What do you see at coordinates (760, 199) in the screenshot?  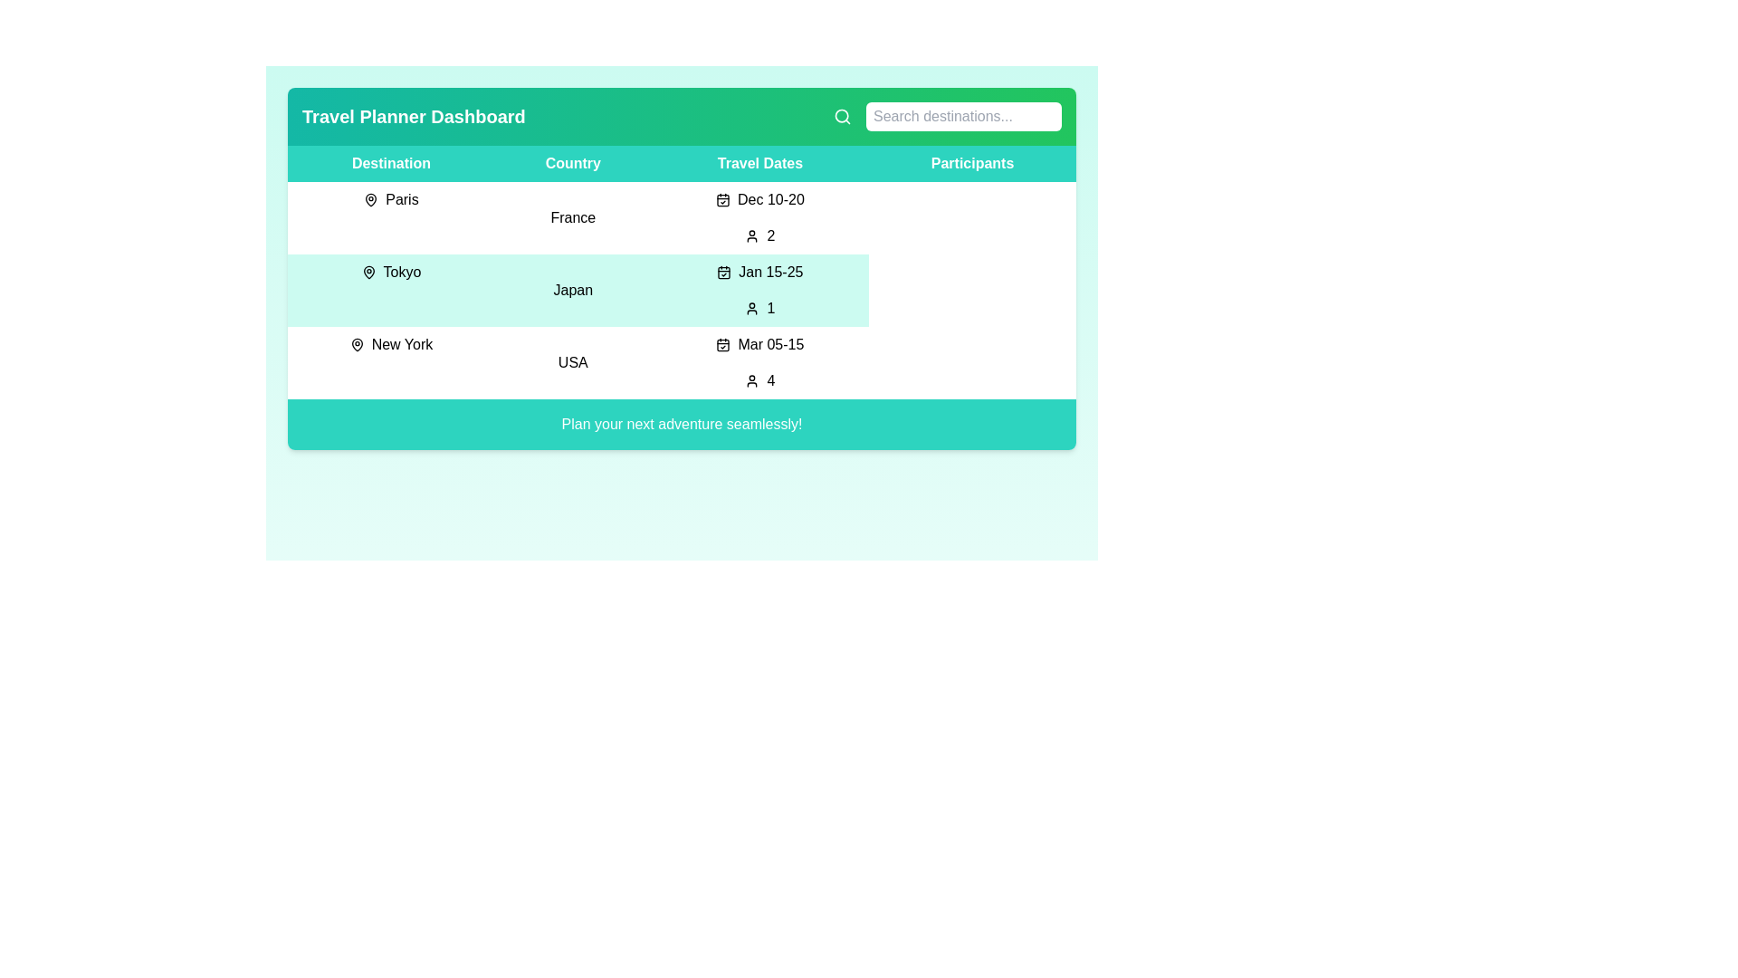 I see `date range text element styled as 'Dec 10-20' with a calendar icon in the 'Travel Dates' column of the table` at bounding box center [760, 199].